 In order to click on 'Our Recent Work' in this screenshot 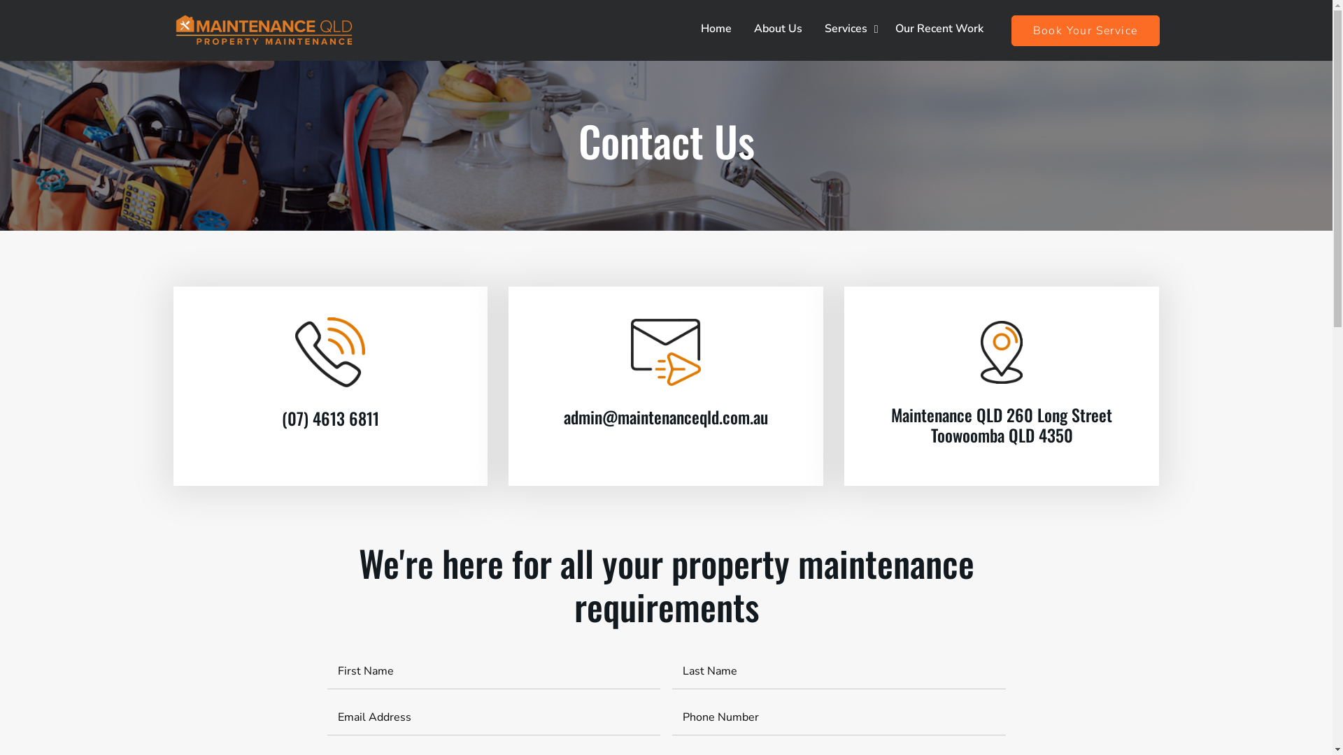, I will do `click(939, 29)`.